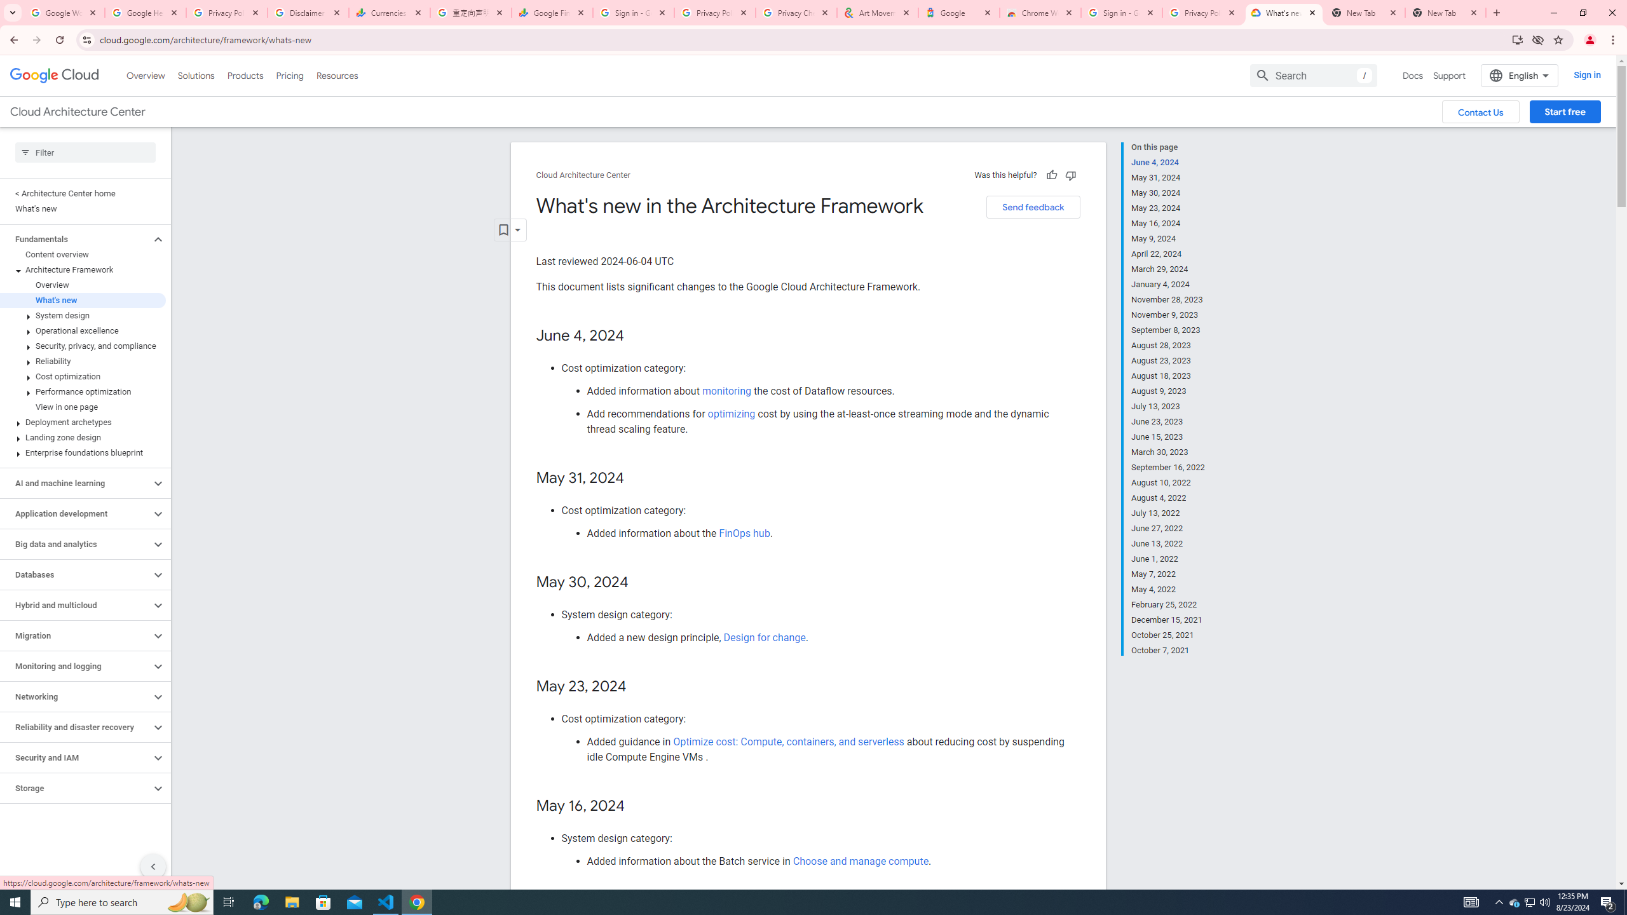 This screenshot has width=1627, height=915. I want to click on 'Helpful', so click(1050, 175).